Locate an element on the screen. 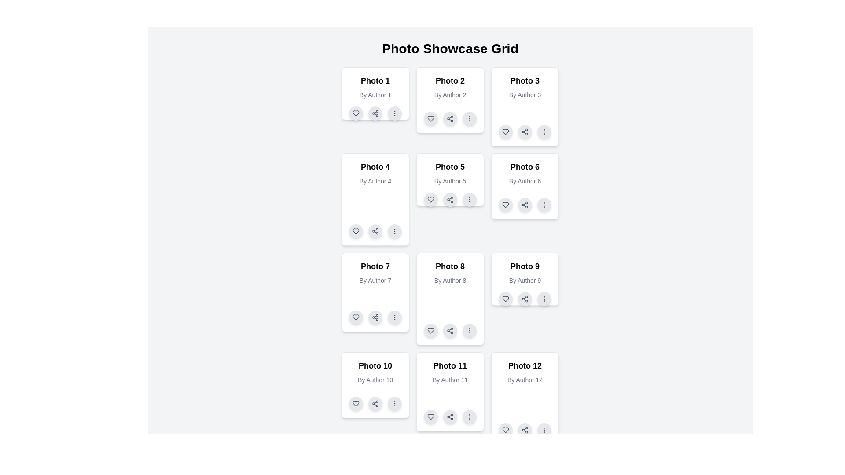 Image resolution: width=845 pixels, height=475 pixels. the menu trigger button located in the bottom-right corner of the card labeled 'Photo 6 By Author 6' is located at coordinates (544, 205).